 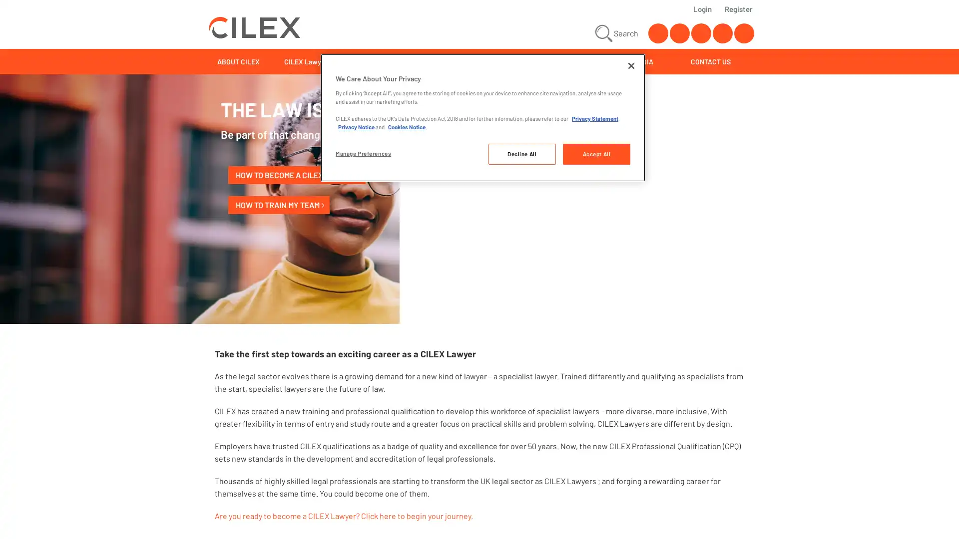 What do you see at coordinates (596, 154) in the screenshot?
I see `Accept All` at bounding box center [596, 154].